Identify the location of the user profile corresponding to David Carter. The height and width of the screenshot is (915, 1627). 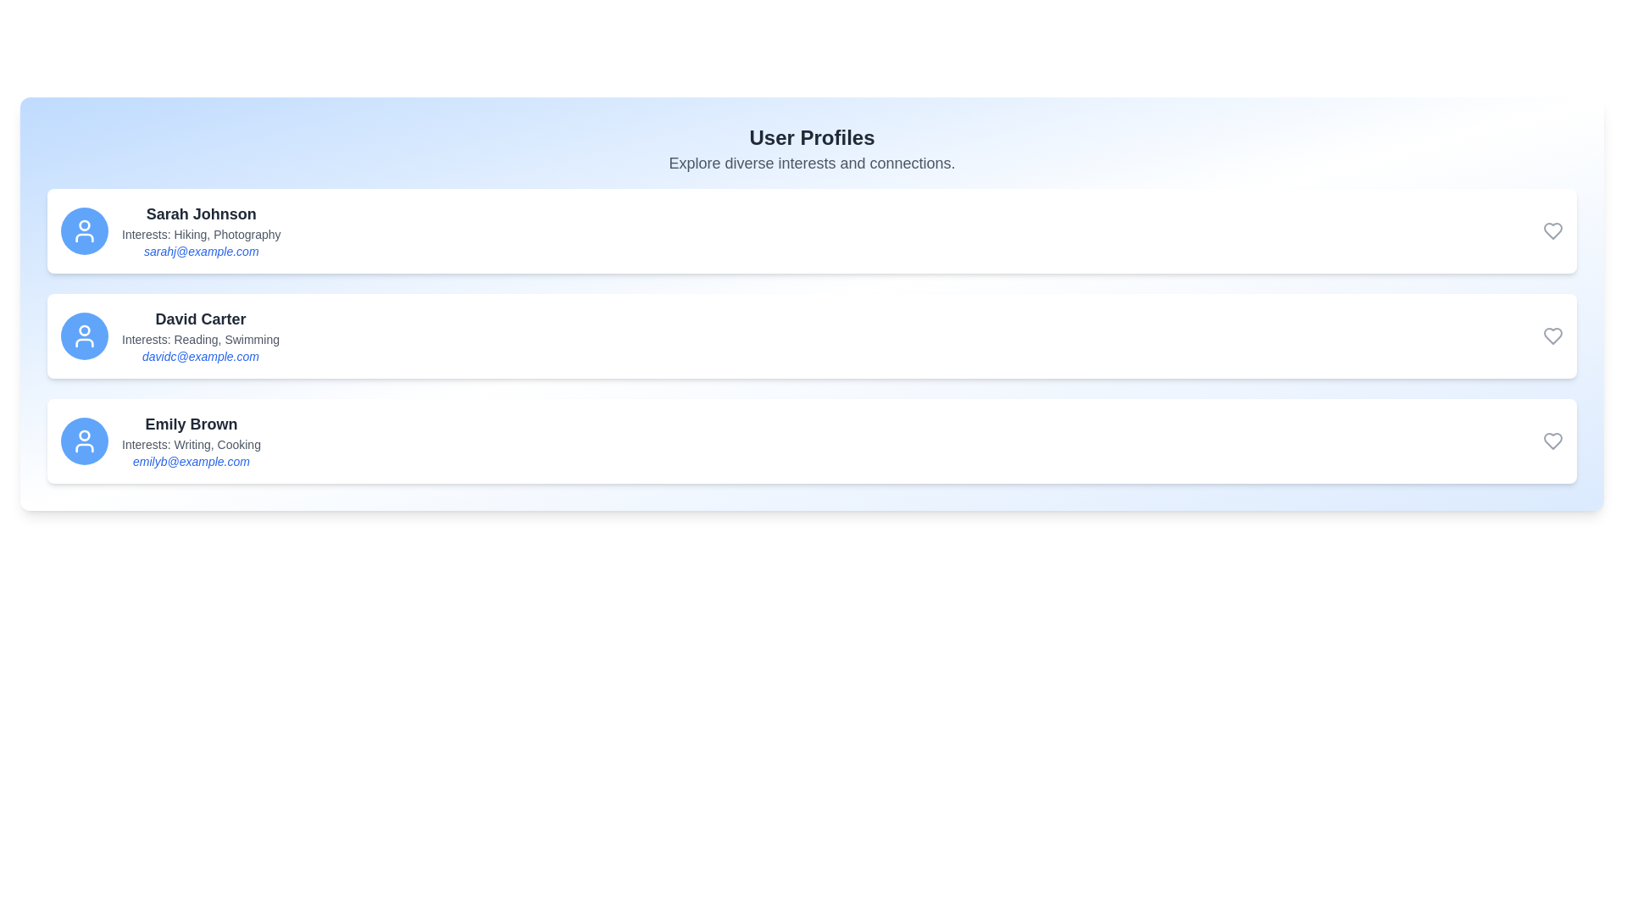
(811, 336).